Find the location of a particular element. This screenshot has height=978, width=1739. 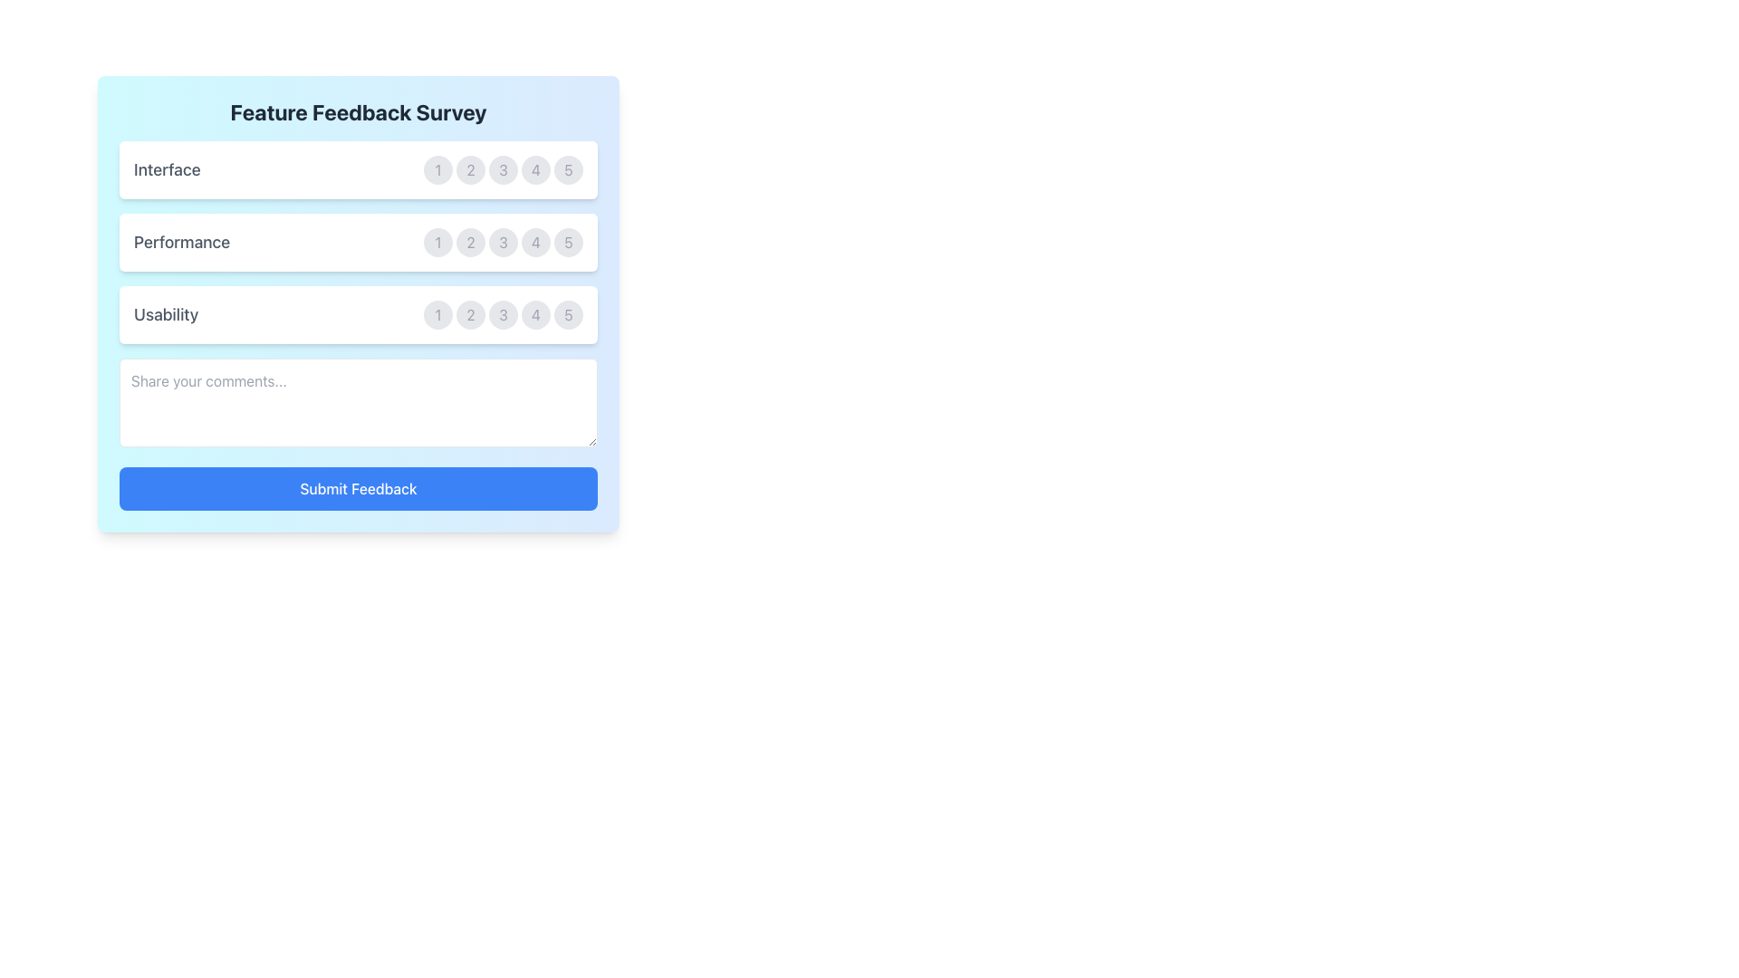

the third button representing a rating of 3 out of 5 in the Usability category of the survey card is located at coordinates (504, 313).